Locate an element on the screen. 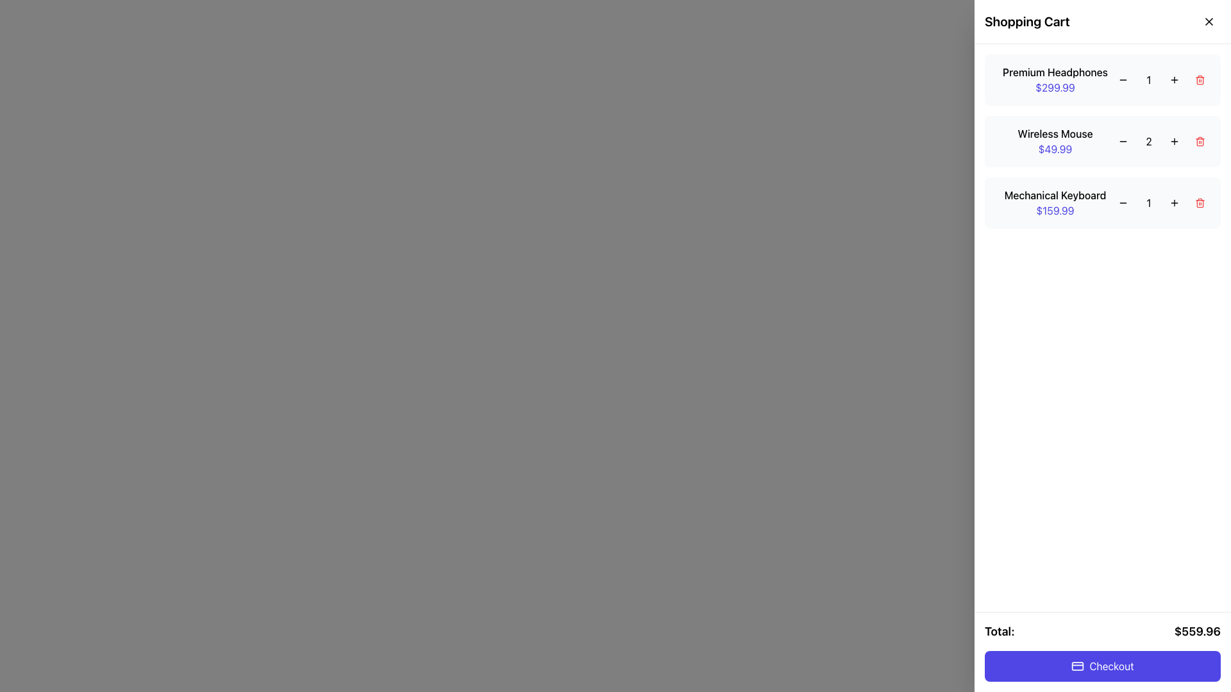  the textual information block displaying the name and price of the 'Premium Headphones' product in the shopping cart, which is located at the uppermost position in the list of items is located at coordinates (1055, 79).